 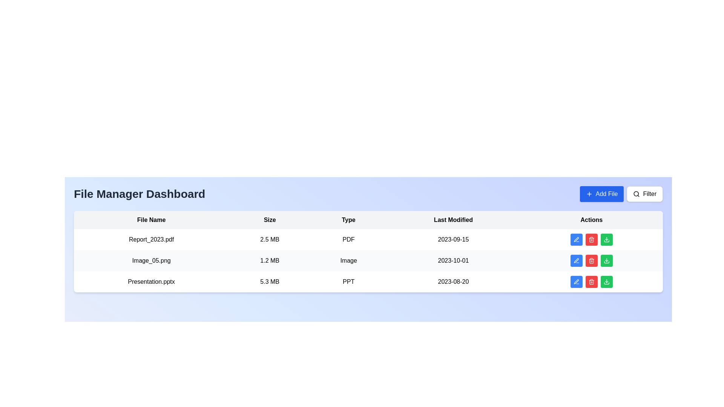 What do you see at coordinates (453, 260) in the screenshot?
I see `the text element displaying the date '2023-10-01' in the 'Last Modified' column of the table corresponding to 'Image_05.png'` at bounding box center [453, 260].